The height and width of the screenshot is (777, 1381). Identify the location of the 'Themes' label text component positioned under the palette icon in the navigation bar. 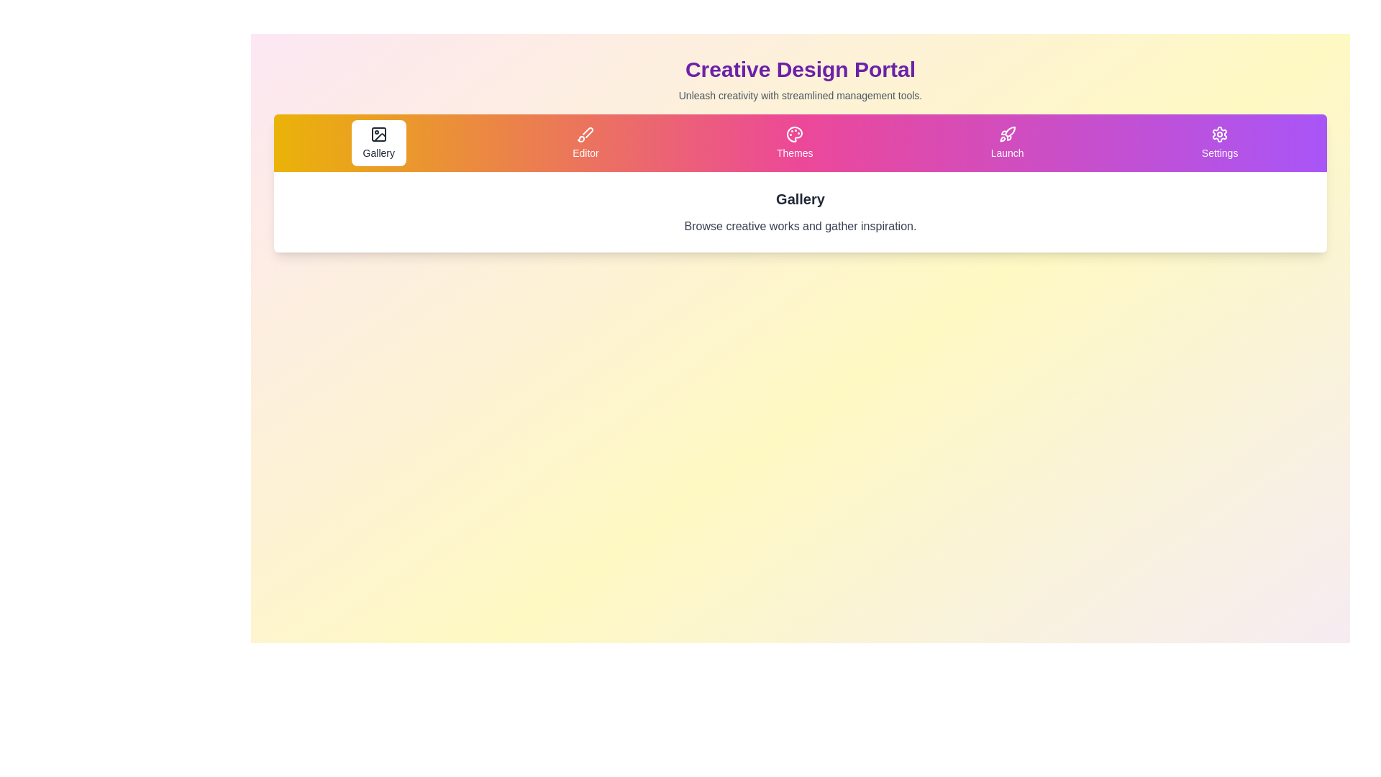
(794, 153).